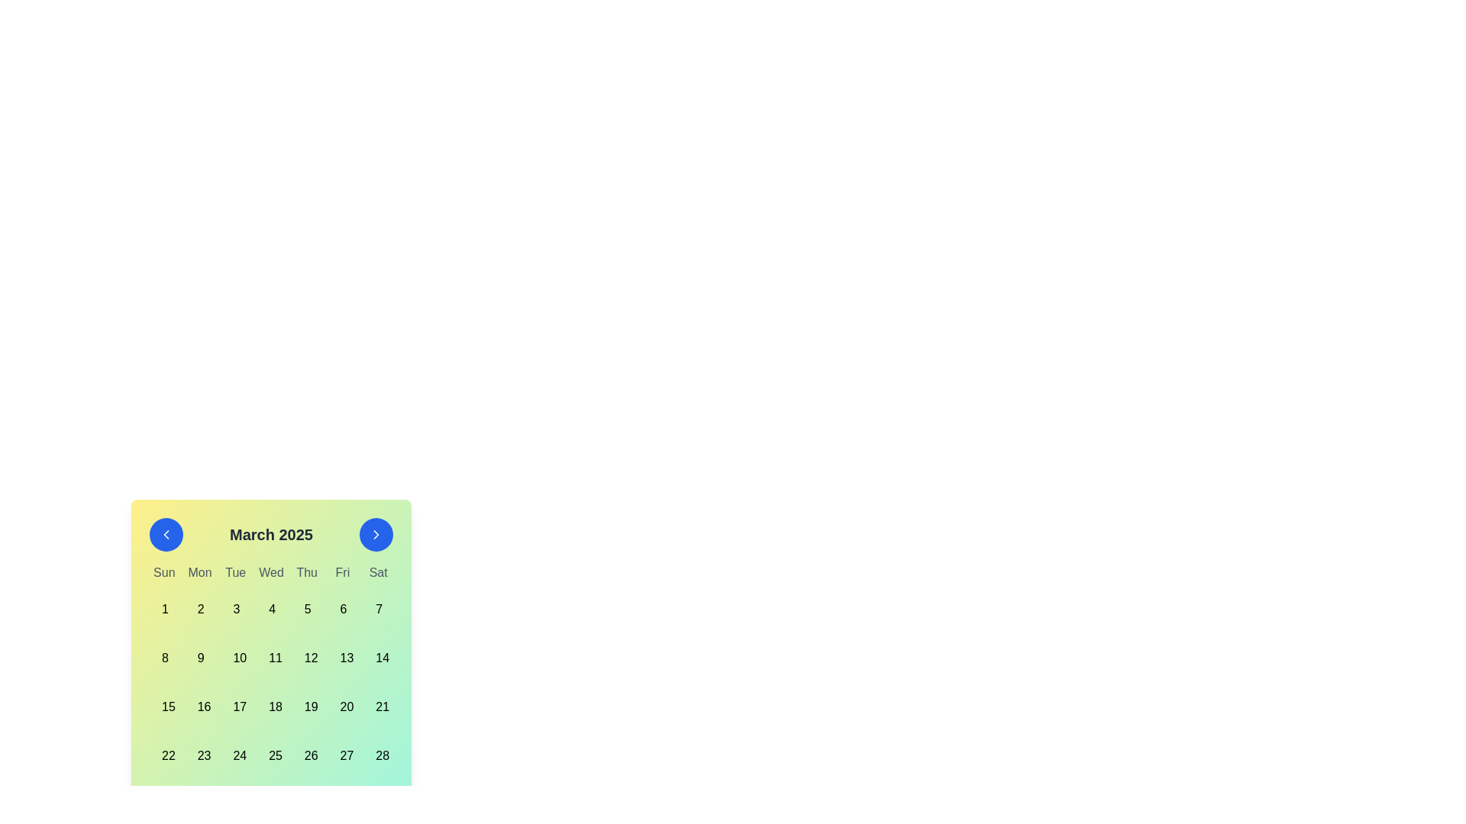  What do you see at coordinates (199, 707) in the screenshot?
I see `the date '16' button in the calendar interface` at bounding box center [199, 707].